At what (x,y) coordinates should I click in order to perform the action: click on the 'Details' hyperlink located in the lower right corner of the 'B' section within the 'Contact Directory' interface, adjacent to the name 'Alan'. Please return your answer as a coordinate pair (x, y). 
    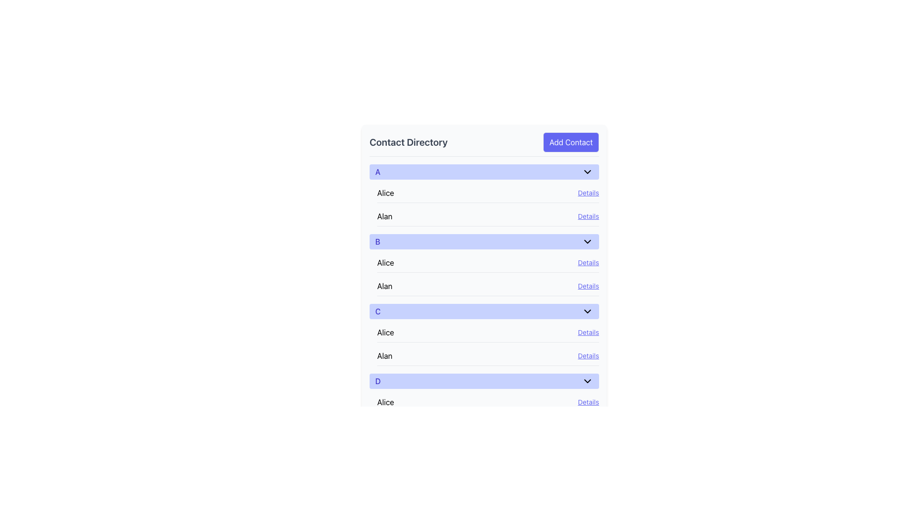
    Looking at the image, I should click on (587, 285).